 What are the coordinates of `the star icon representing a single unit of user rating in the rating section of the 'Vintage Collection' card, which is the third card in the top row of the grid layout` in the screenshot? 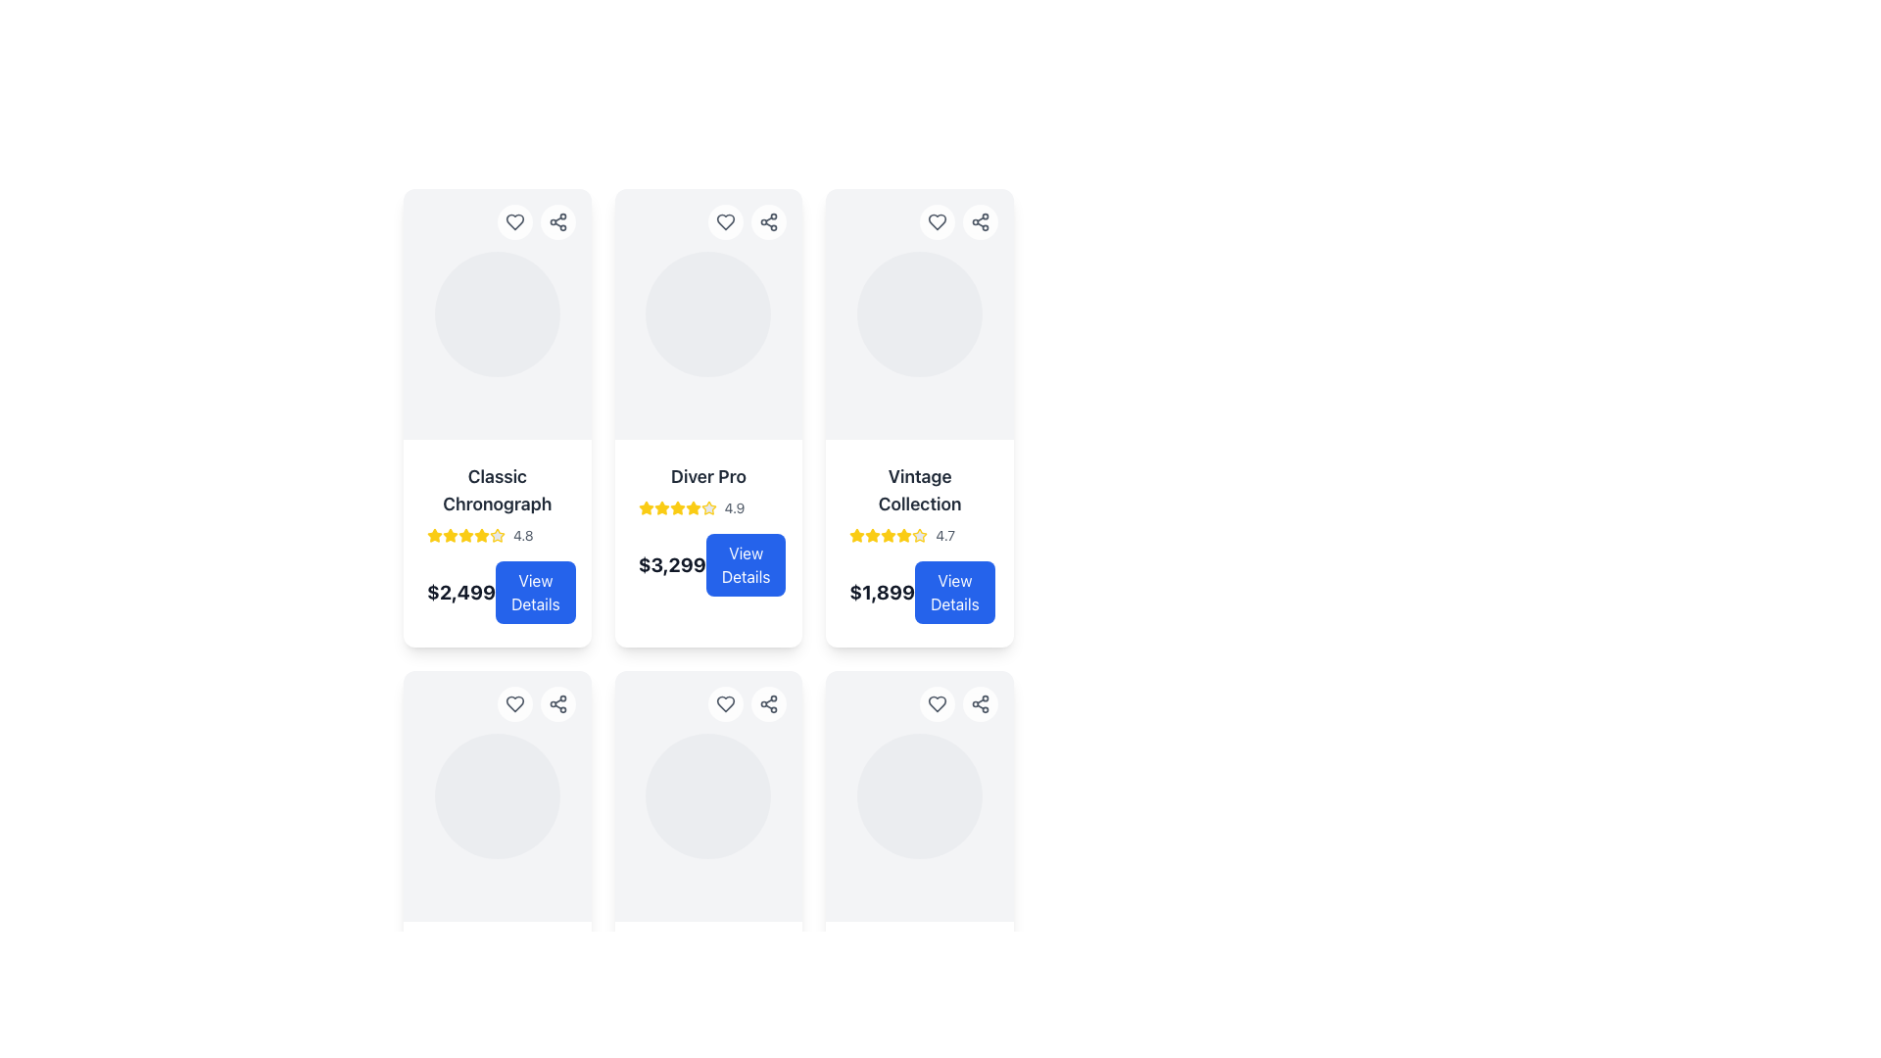 It's located at (903, 535).